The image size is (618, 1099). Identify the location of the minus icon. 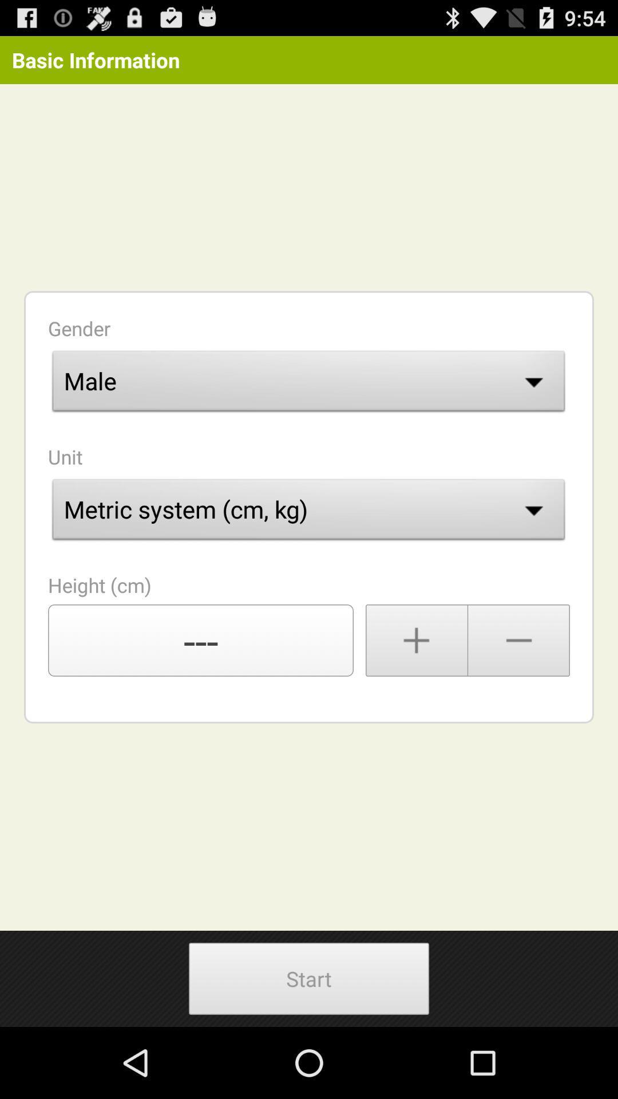
(519, 685).